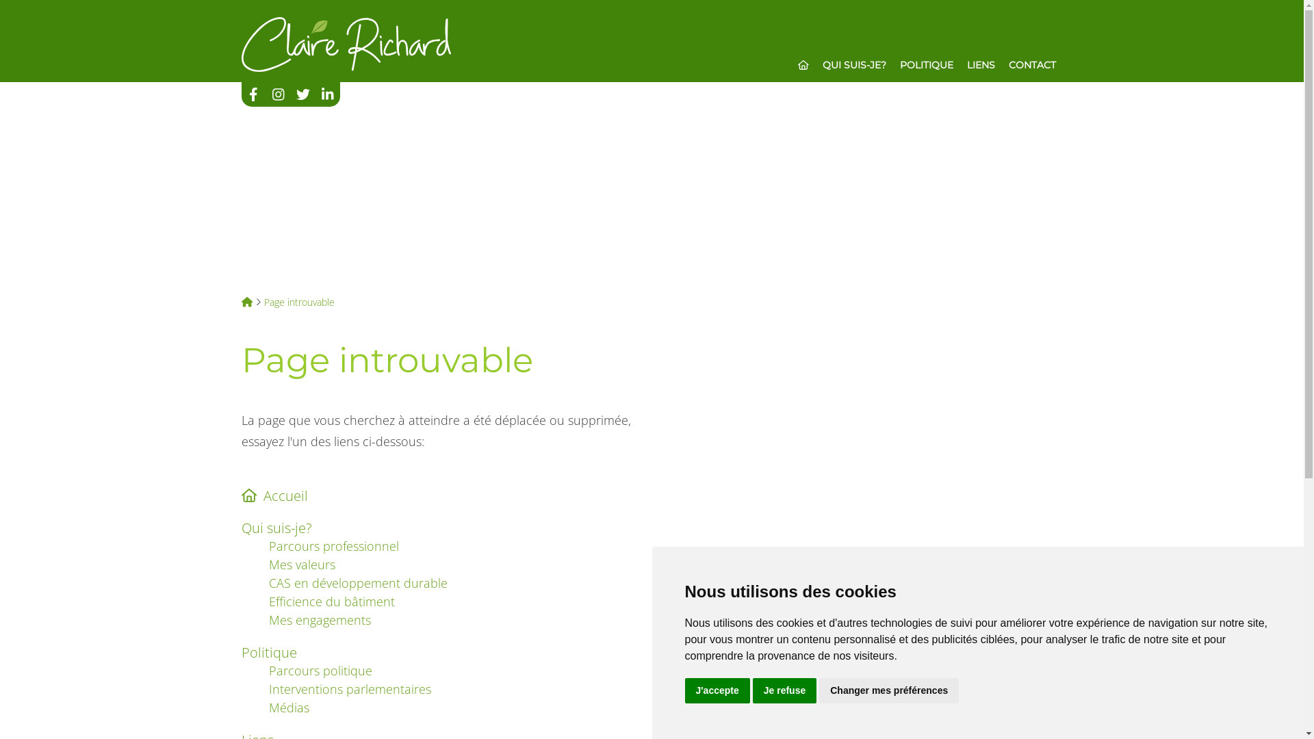 The height and width of the screenshot is (739, 1314). I want to click on 'Parcours politique', so click(319, 669).